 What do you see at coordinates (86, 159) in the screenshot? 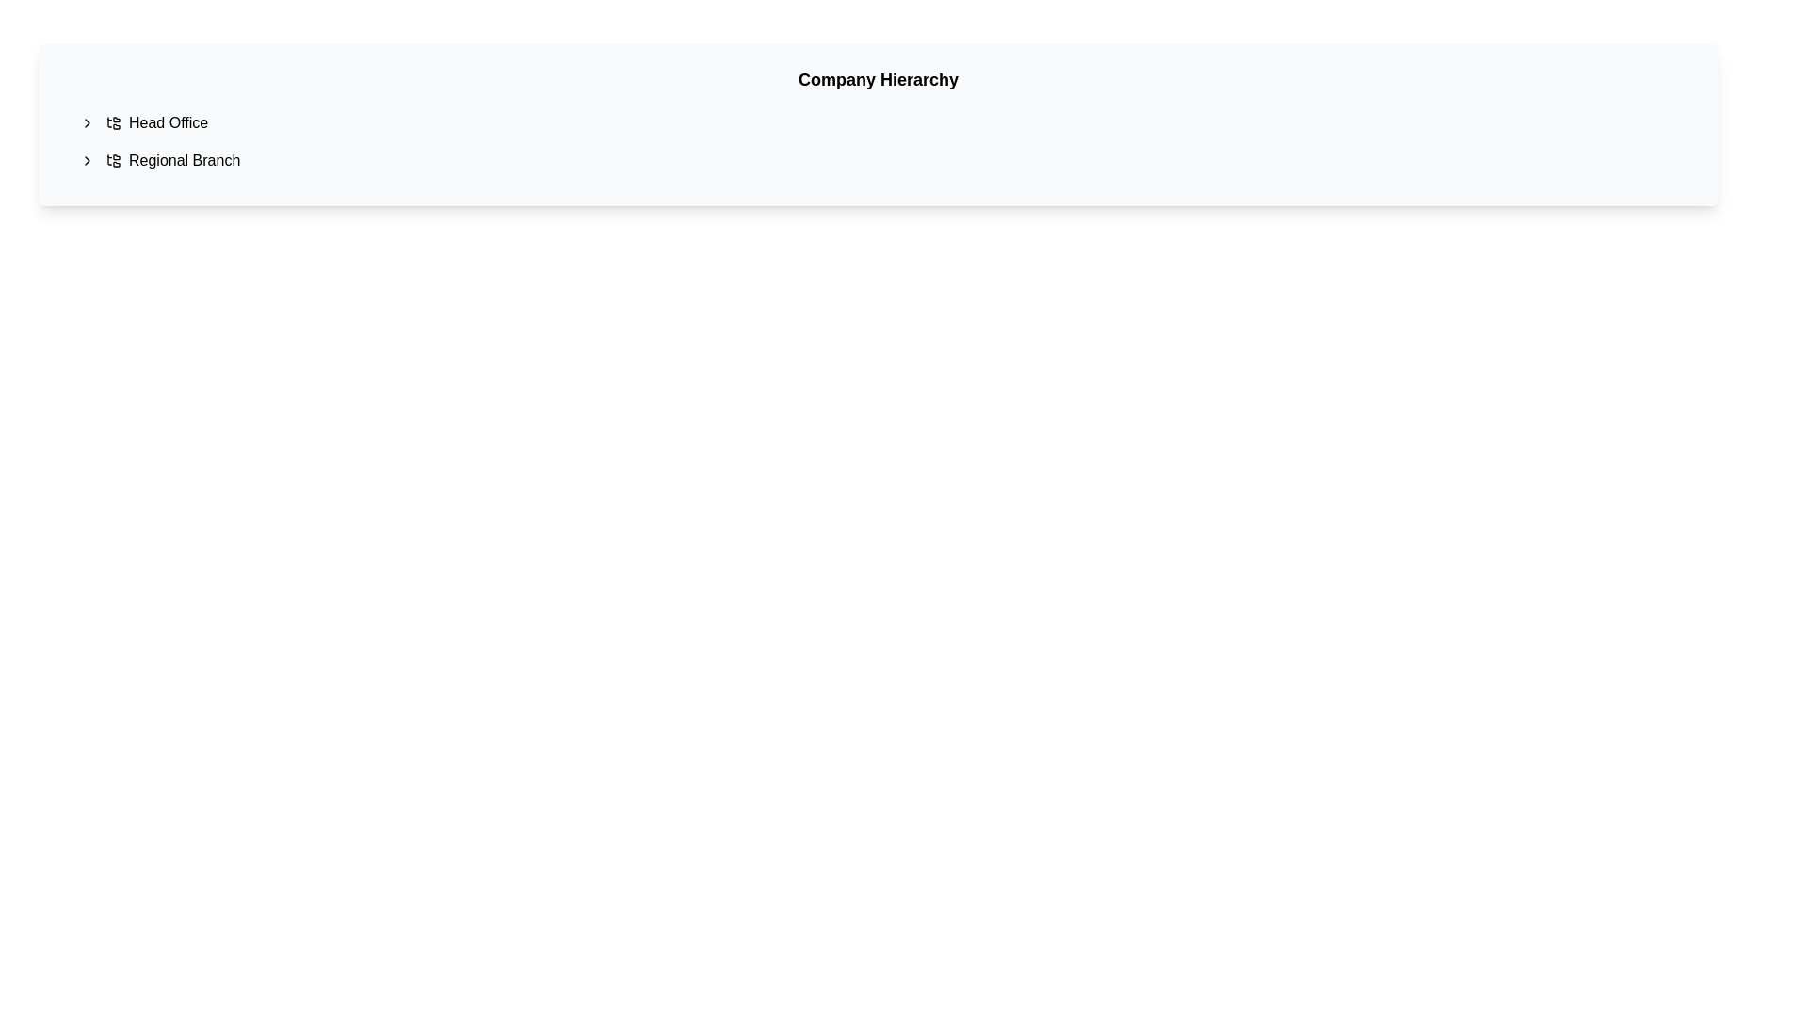
I see `the Chevron-Right icon located beside the 'Regional Branch' text to trigger a visual change if styled for hover` at bounding box center [86, 159].